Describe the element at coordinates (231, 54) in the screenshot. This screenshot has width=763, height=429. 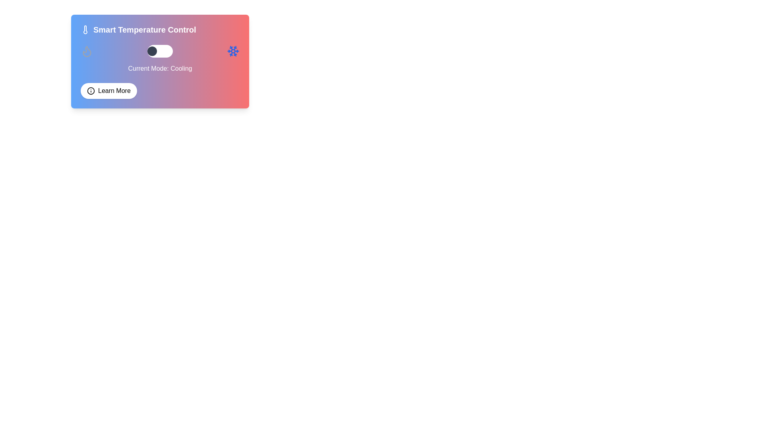
I see `the bottom-left branch of the snowflake icon in the 'Smart Temperature Control' interface, located to the right of the toggle switch` at that location.